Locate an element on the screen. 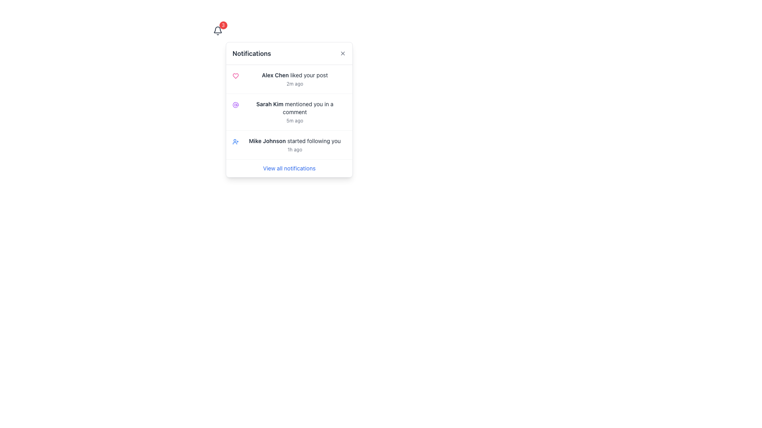  notification entry indicating that 'Mike Johnson' has started following the user, located in the third row of the notifications list within the notification panel is located at coordinates (294, 145).